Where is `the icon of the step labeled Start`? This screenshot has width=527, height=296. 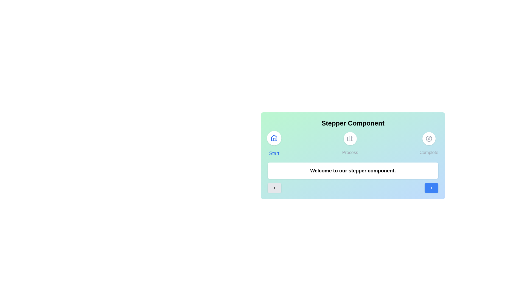
the icon of the step labeled Start is located at coordinates (274, 138).